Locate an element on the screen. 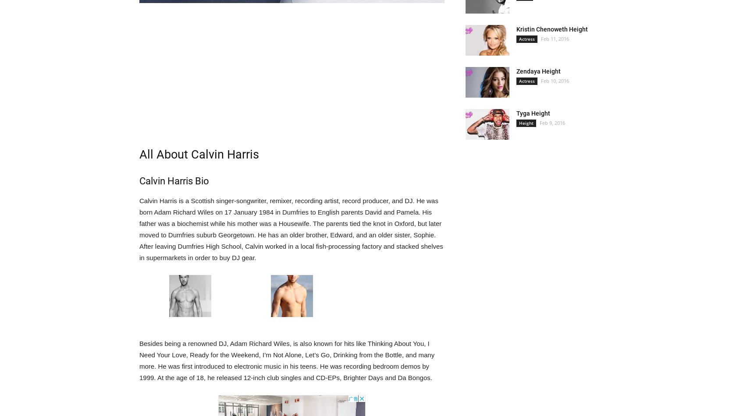 This screenshot has height=416, width=747. 'Feb 10, 2016' is located at coordinates (555, 81).